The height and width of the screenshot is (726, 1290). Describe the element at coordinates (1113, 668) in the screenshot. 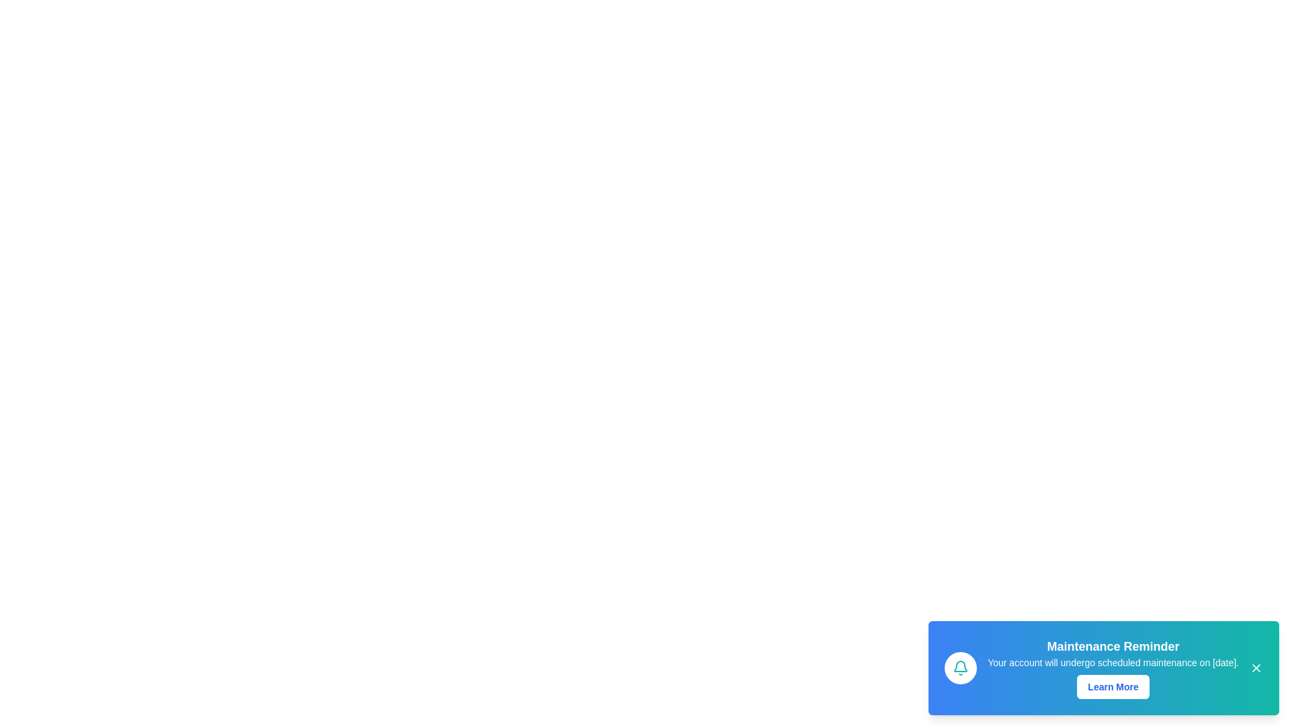

I see `the 'Learn More' button in the bottom-right notification section that reminds users about scheduled maintenance of their account` at that location.